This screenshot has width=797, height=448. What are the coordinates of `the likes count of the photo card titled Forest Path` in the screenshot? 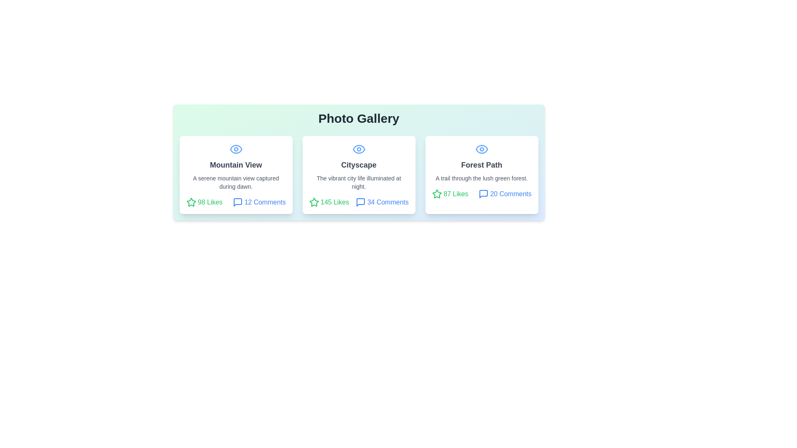 It's located at (450, 194).